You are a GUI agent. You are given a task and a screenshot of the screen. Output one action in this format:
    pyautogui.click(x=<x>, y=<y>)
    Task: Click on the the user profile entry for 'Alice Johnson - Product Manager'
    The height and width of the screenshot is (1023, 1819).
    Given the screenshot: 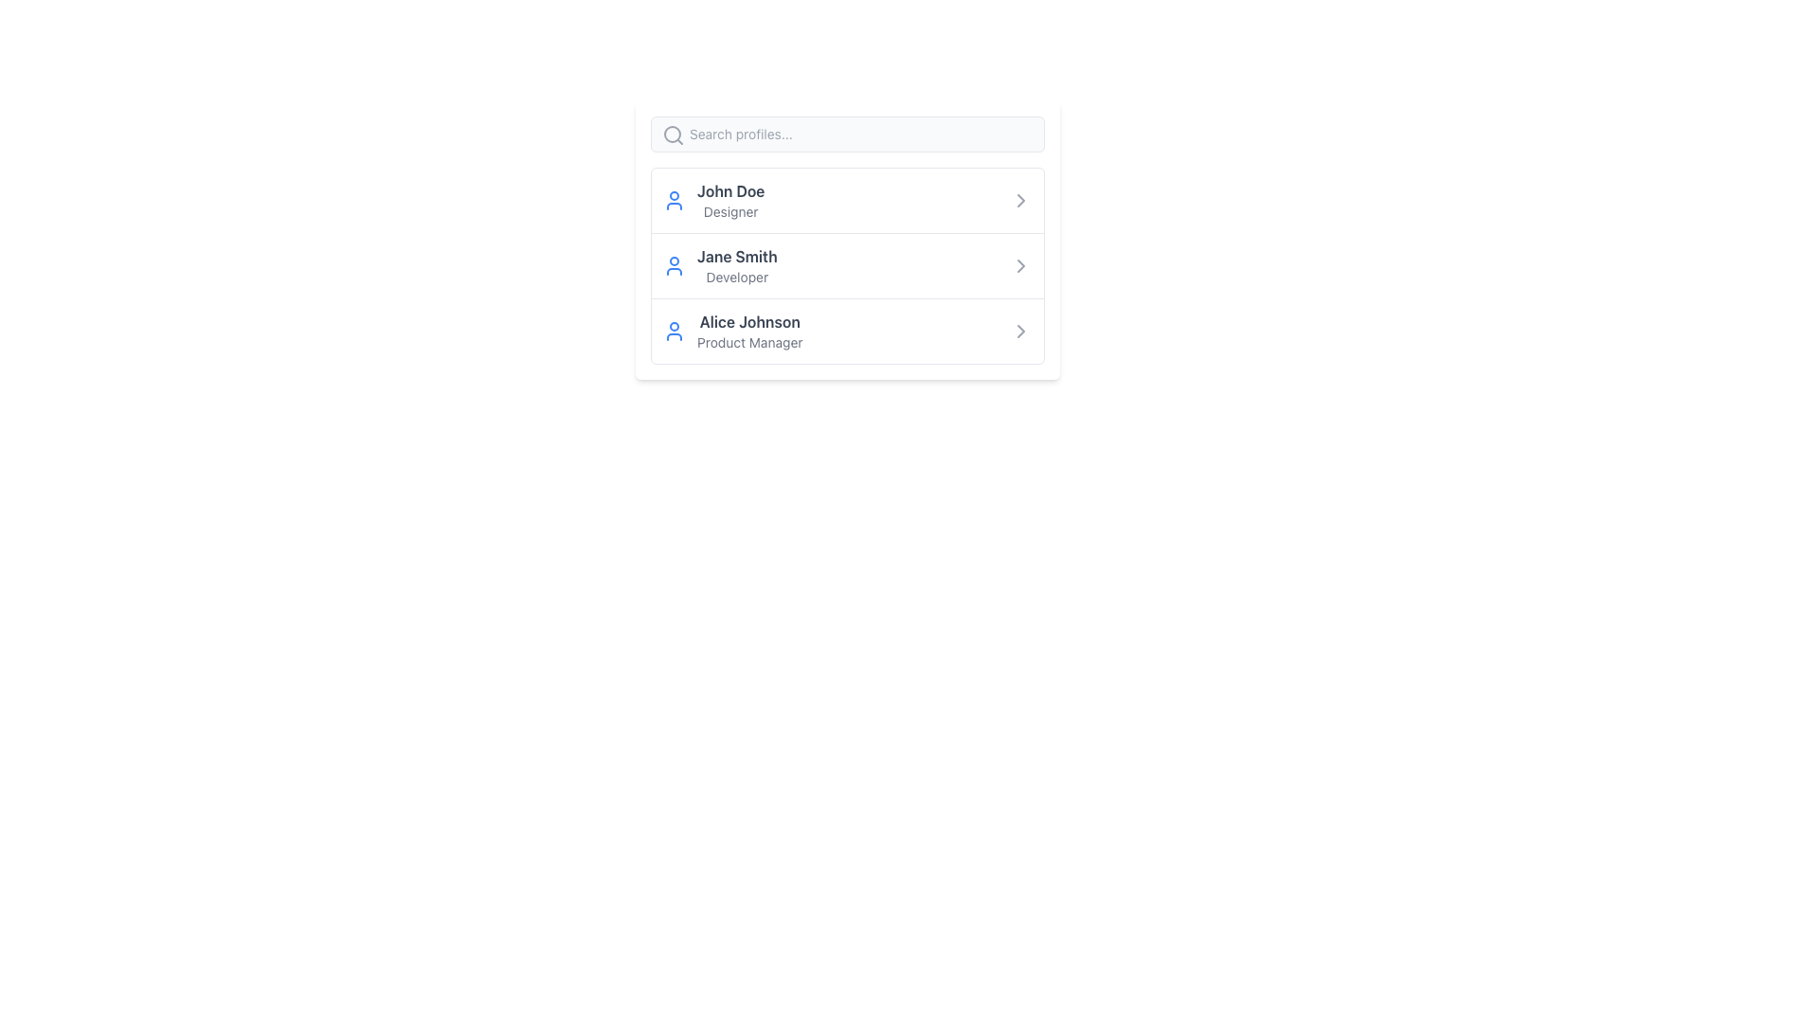 What is the action you would take?
    pyautogui.click(x=846, y=330)
    